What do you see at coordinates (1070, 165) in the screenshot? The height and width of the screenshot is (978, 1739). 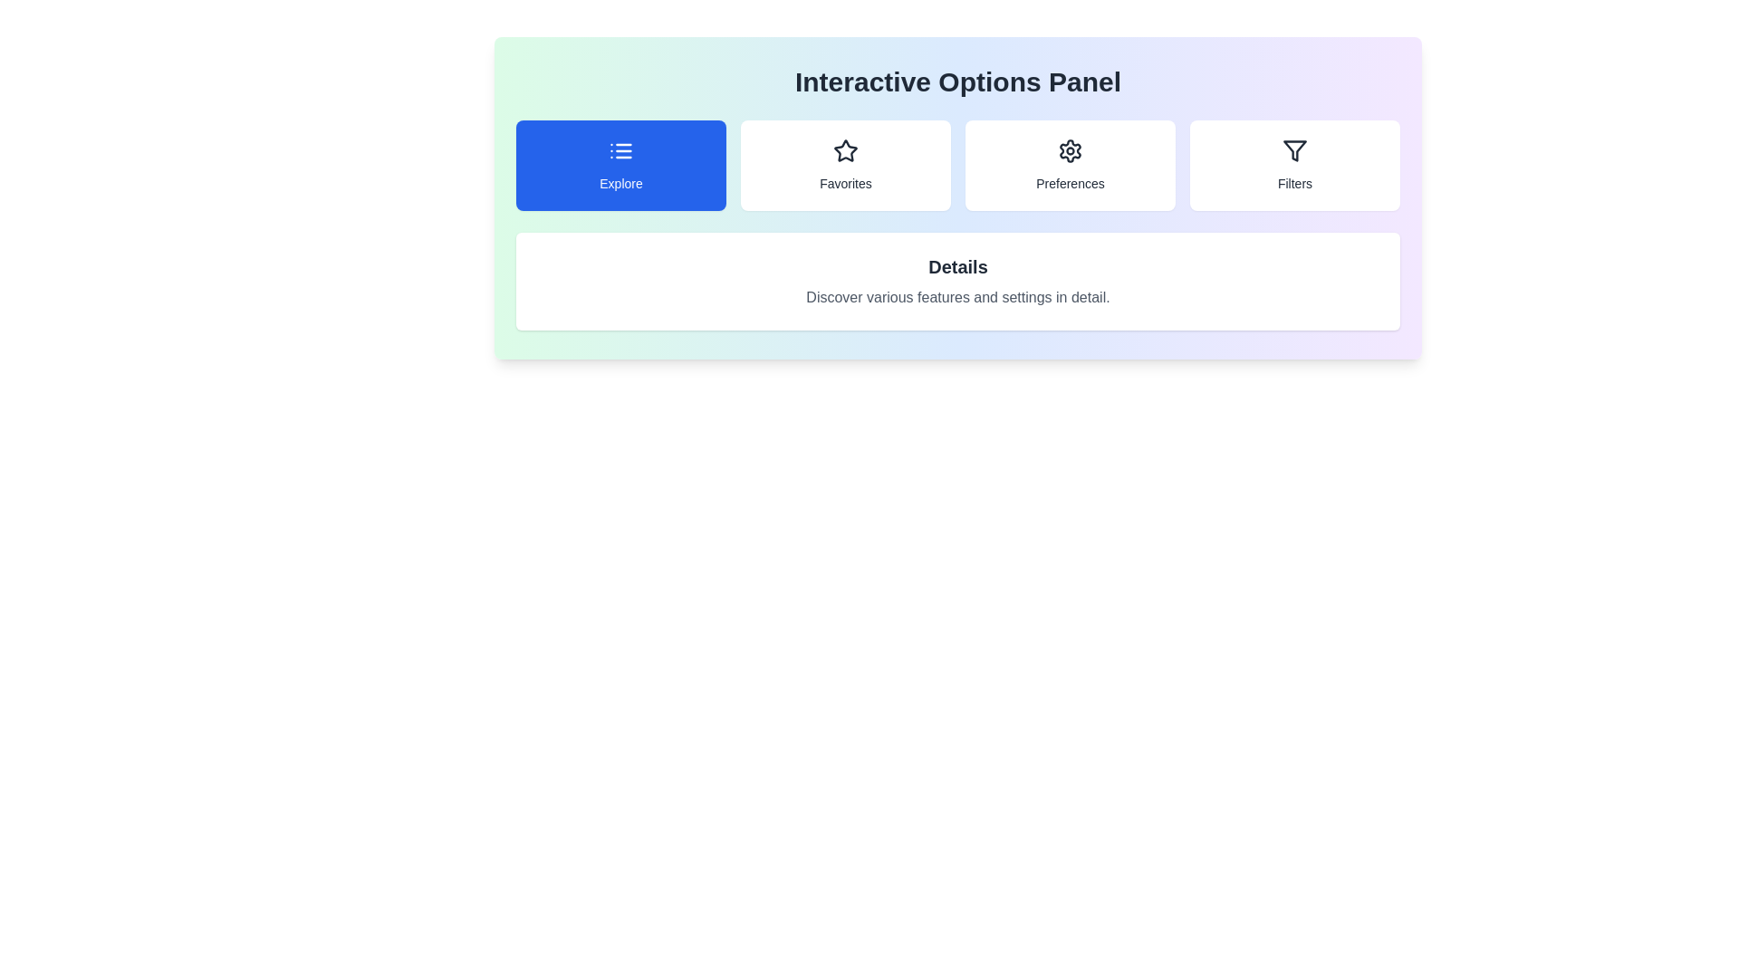 I see `the 'Preferences' button` at bounding box center [1070, 165].